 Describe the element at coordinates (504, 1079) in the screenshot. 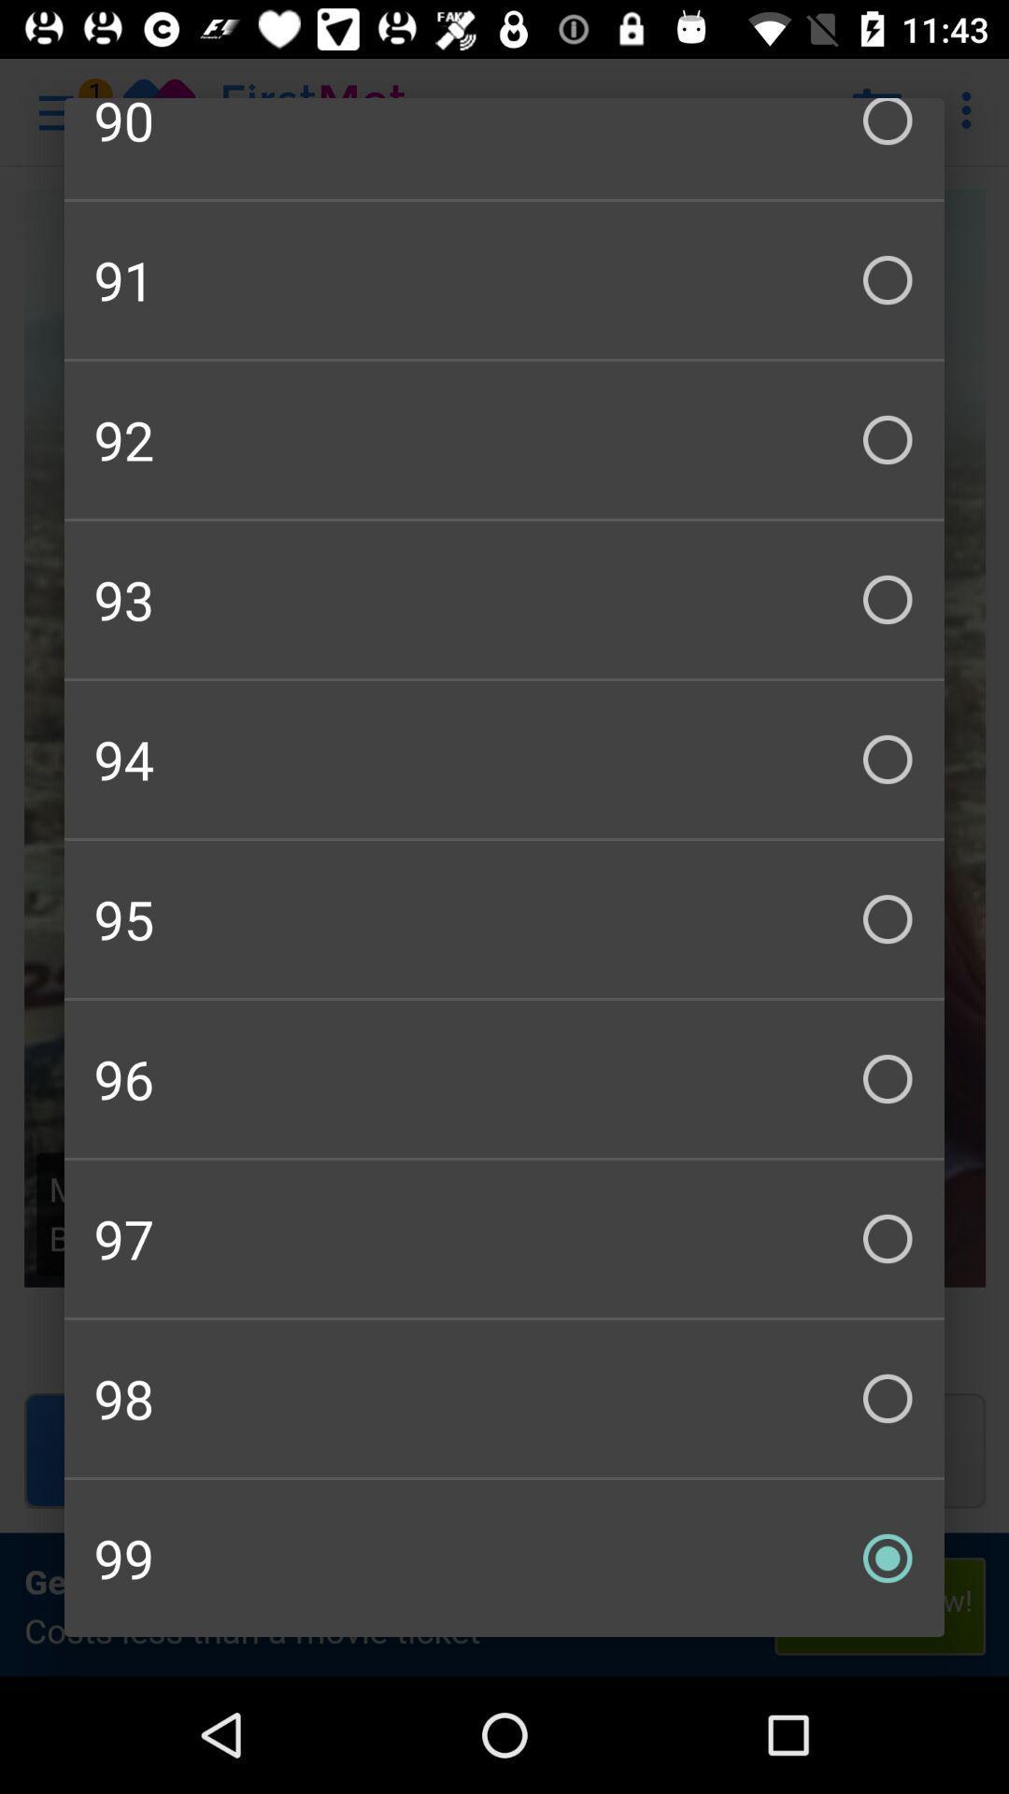

I see `the icon above 97 icon` at that location.